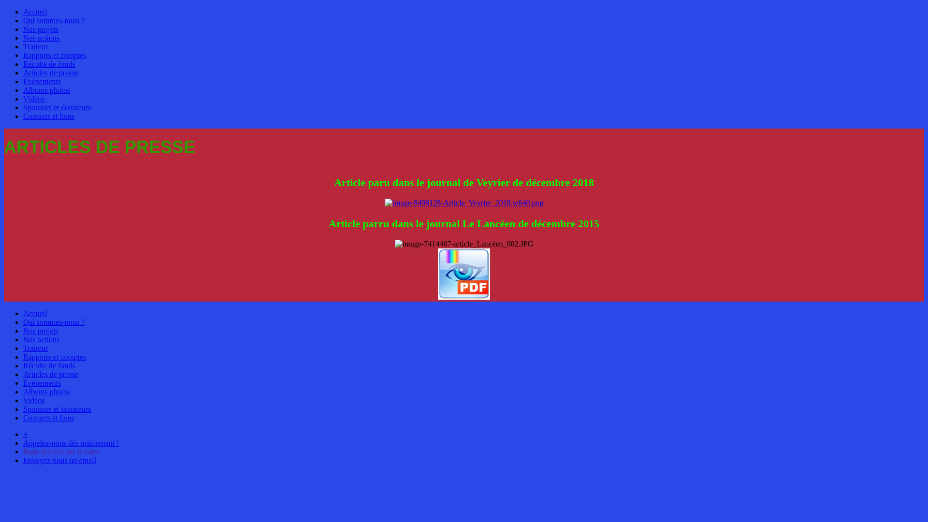 This screenshot has height=522, width=928. Describe the element at coordinates (59, 460) in the screenshot. I see `'Envoyez-nous un email'` at that location.